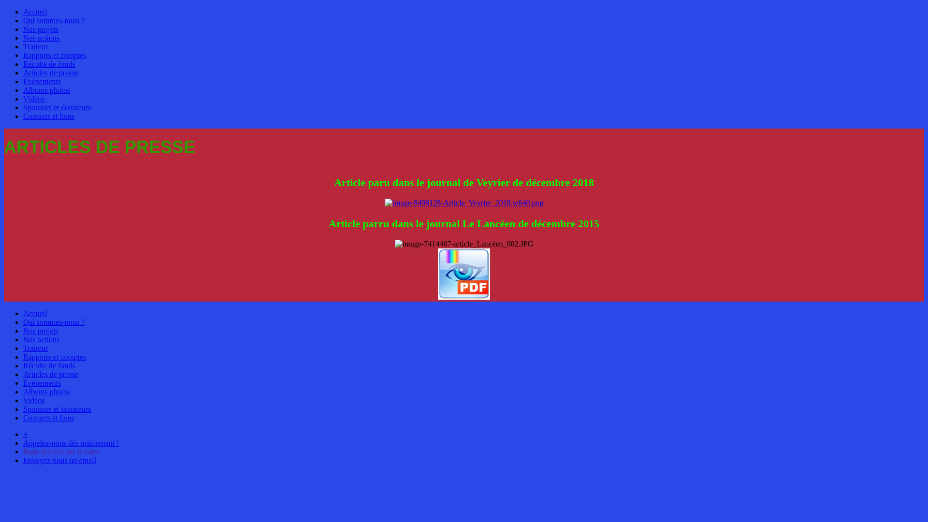 This screenshot has height=522, width=928. Describe the element at coordinates (59, 460) in the screenshot. I see `'Envoyez-nous un email'` at that location.